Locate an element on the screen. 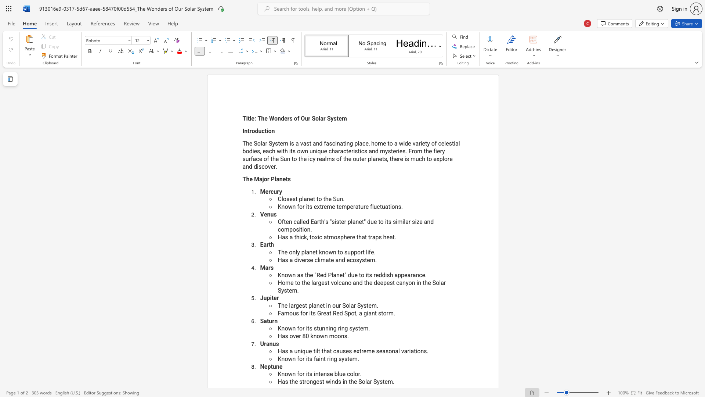  the 2th character "t" in the text is located at coordinates (314, 199).